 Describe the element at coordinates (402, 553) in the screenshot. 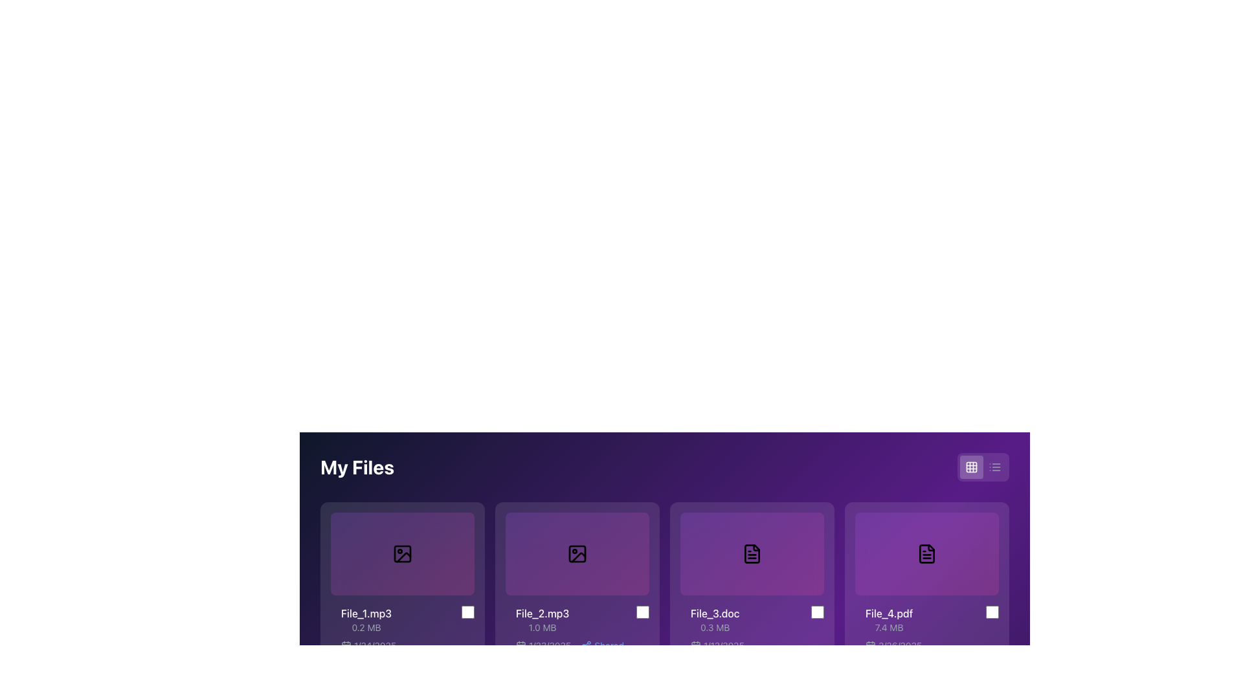

I see `the image or file thumbnail icon located in the first tile under the 'My Files' section` at that location.